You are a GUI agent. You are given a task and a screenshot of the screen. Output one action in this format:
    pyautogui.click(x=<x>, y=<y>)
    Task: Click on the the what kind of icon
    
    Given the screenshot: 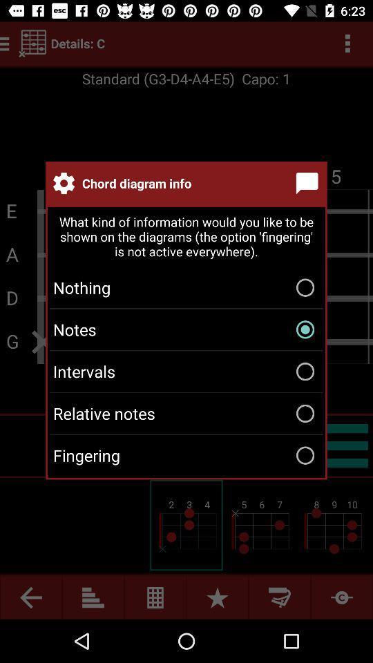 What is the action you would take?
    pyautogui.click(x=186, y=238)
    